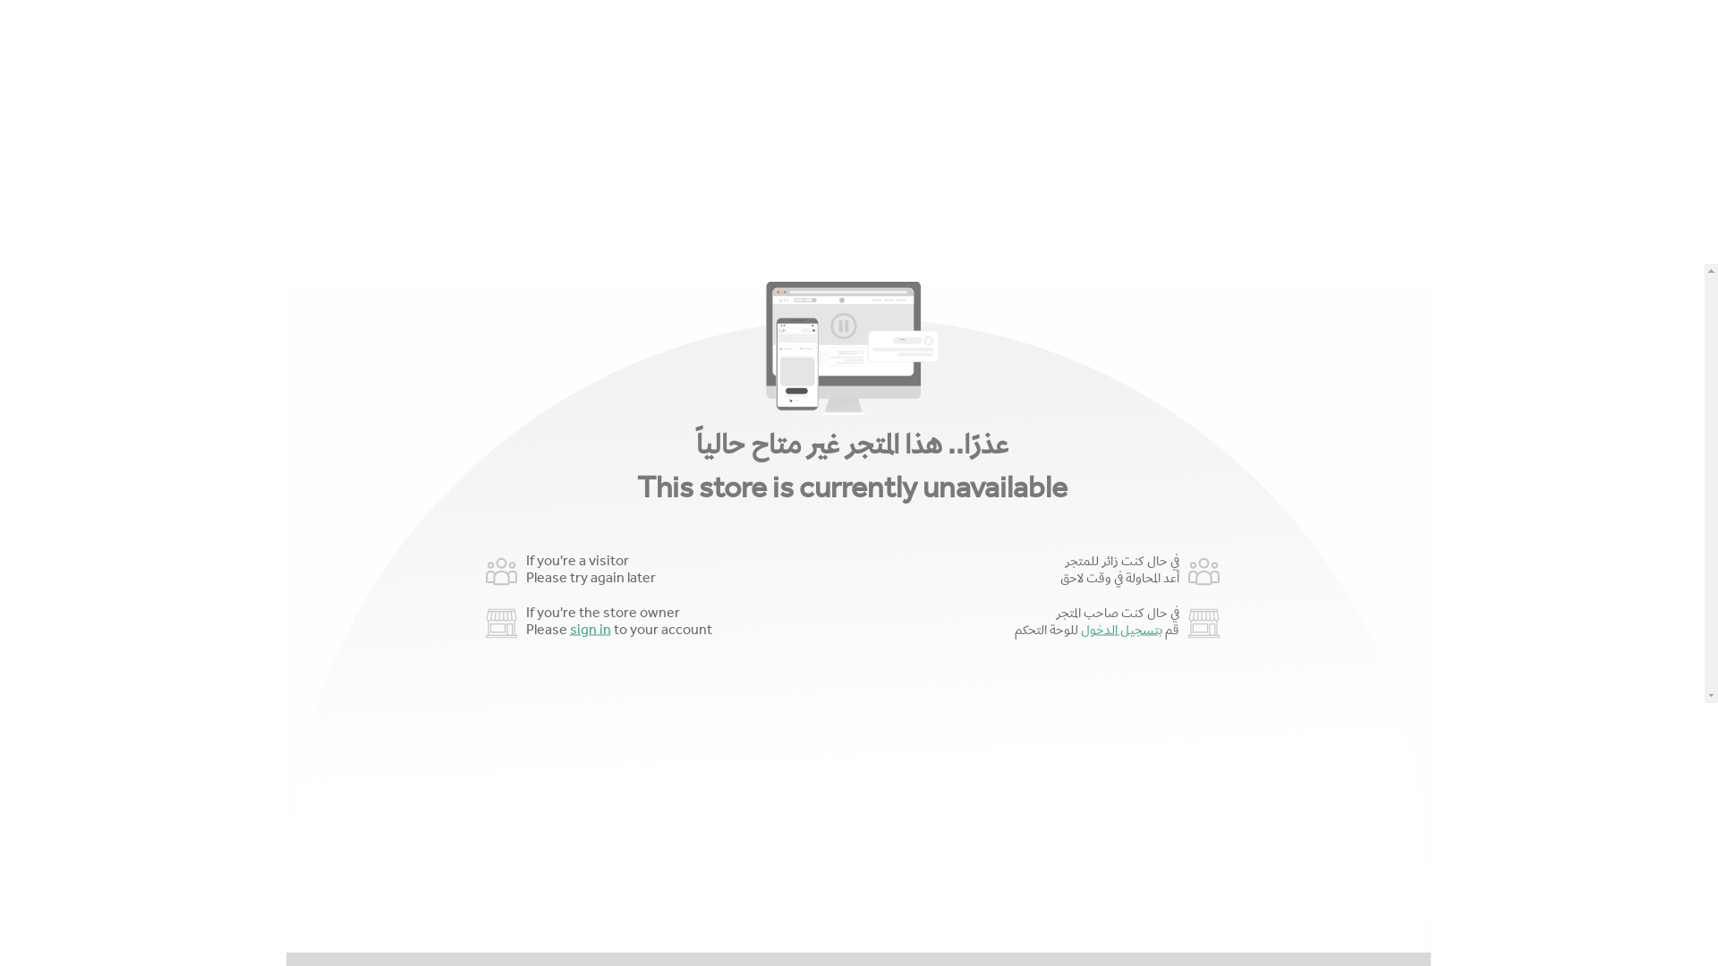 The width and height of the screenshot is (1718, 966). What do you see at coordinates (589, 630) in the screenshot?
I see `'sign in'` at bounding box center [589, 630].